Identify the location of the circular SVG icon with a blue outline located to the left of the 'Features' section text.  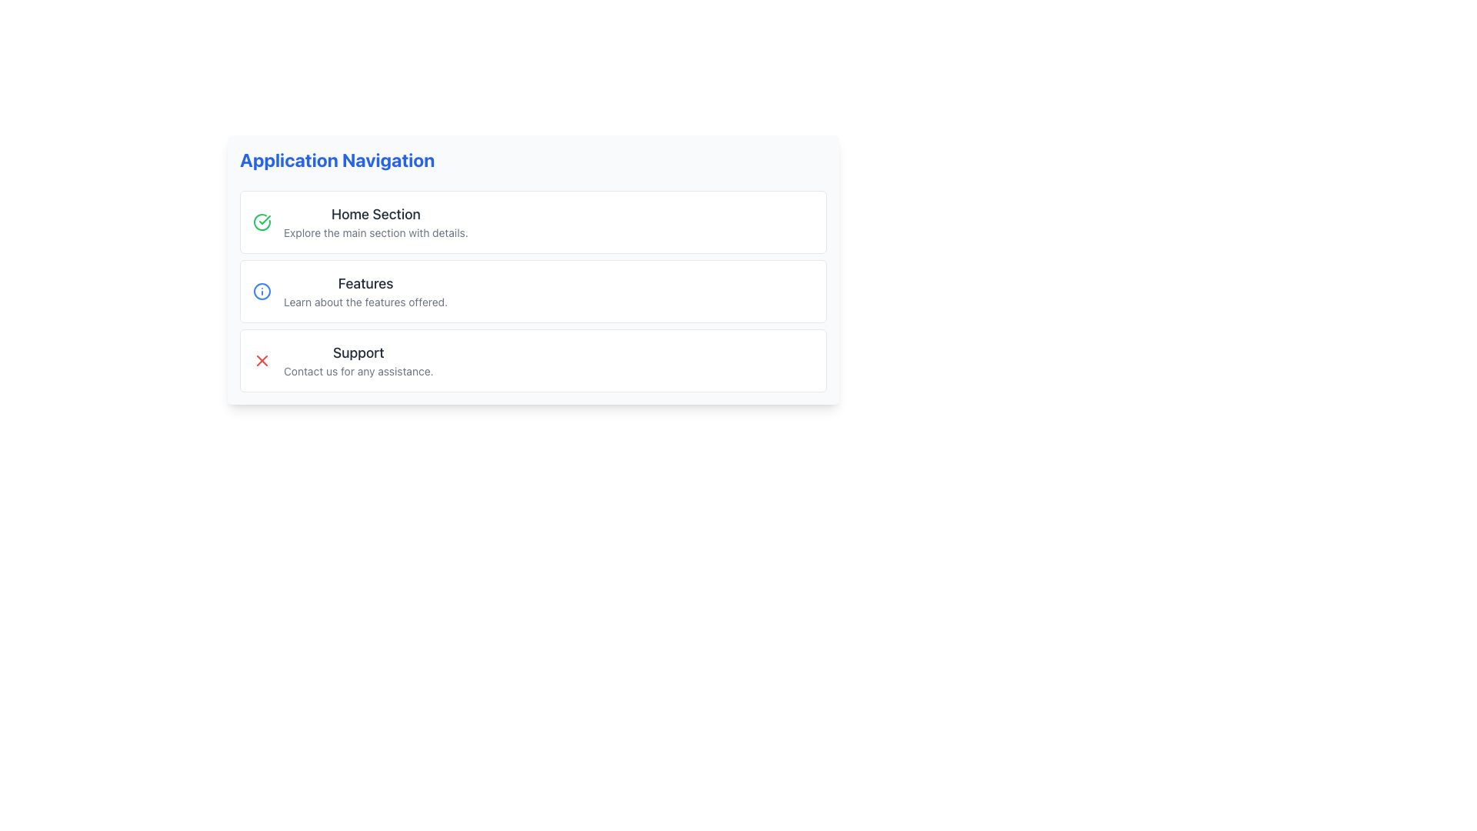
(262, 291).